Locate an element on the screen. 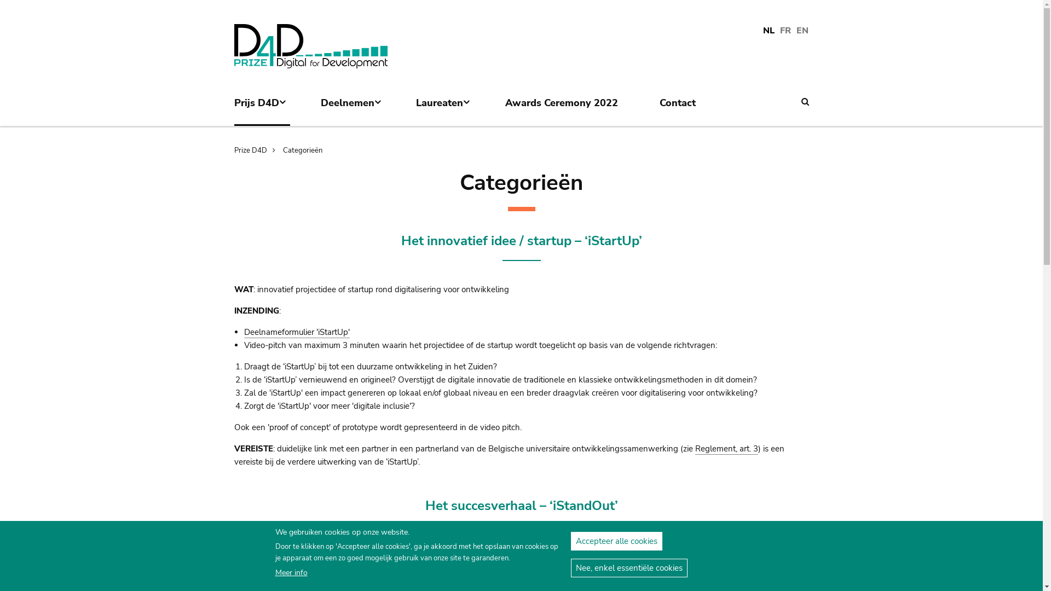 The image size is (1051, 591). 'Accepteer alle cookies' is located at coordinates (569, 540).